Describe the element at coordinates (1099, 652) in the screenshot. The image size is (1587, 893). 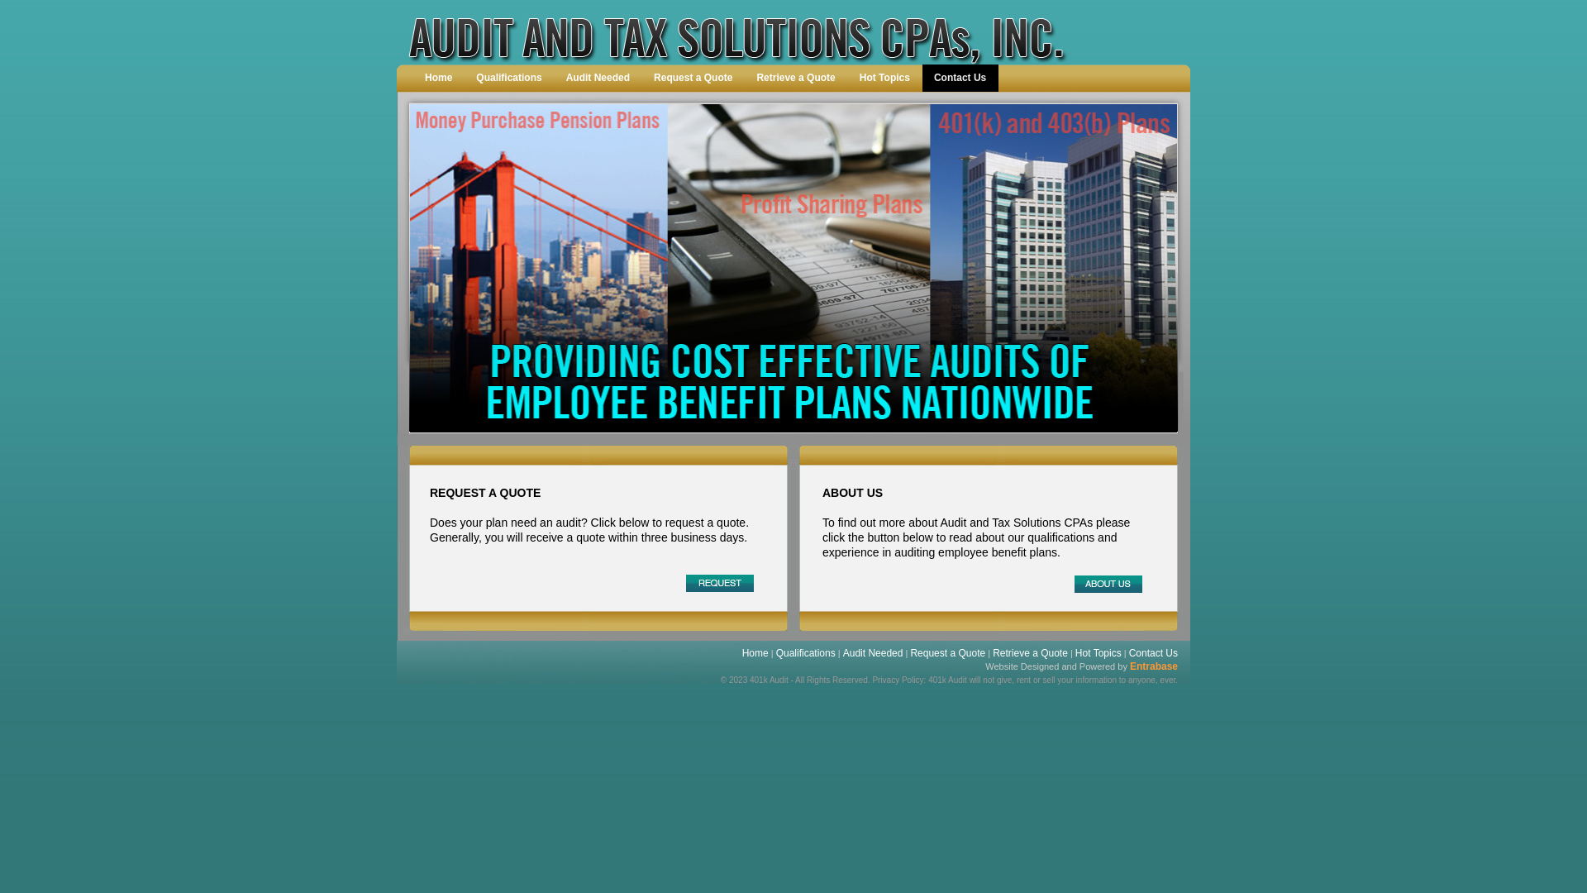
I see `'Hot Topics'` at that location.